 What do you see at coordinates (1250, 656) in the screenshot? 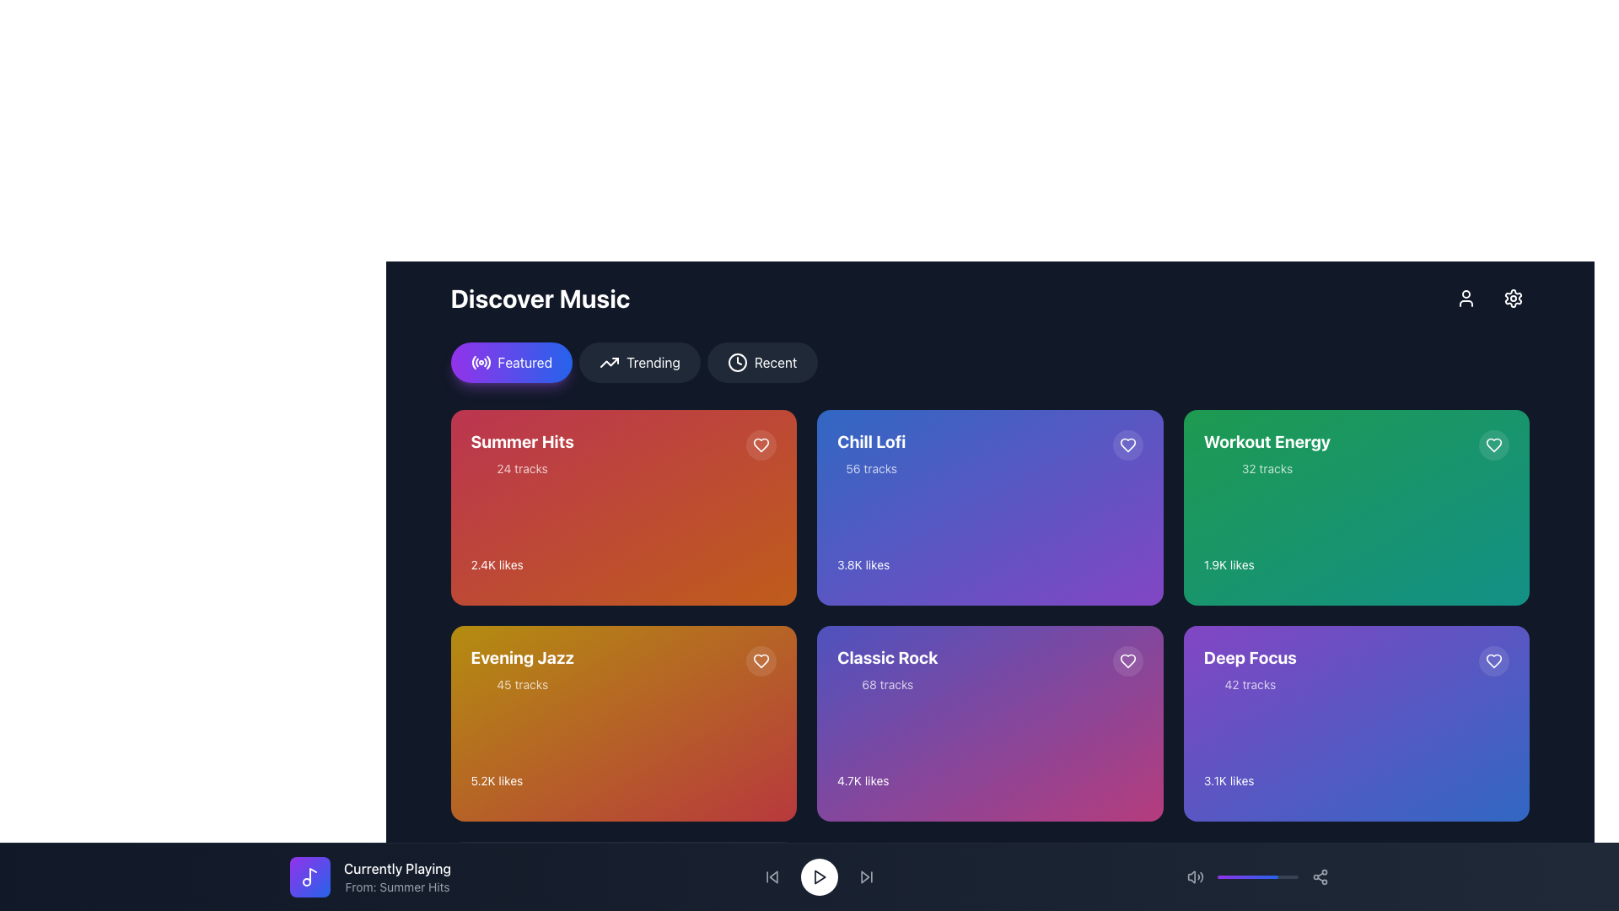
I see `the title text label` at bounding box center [1250, 656].